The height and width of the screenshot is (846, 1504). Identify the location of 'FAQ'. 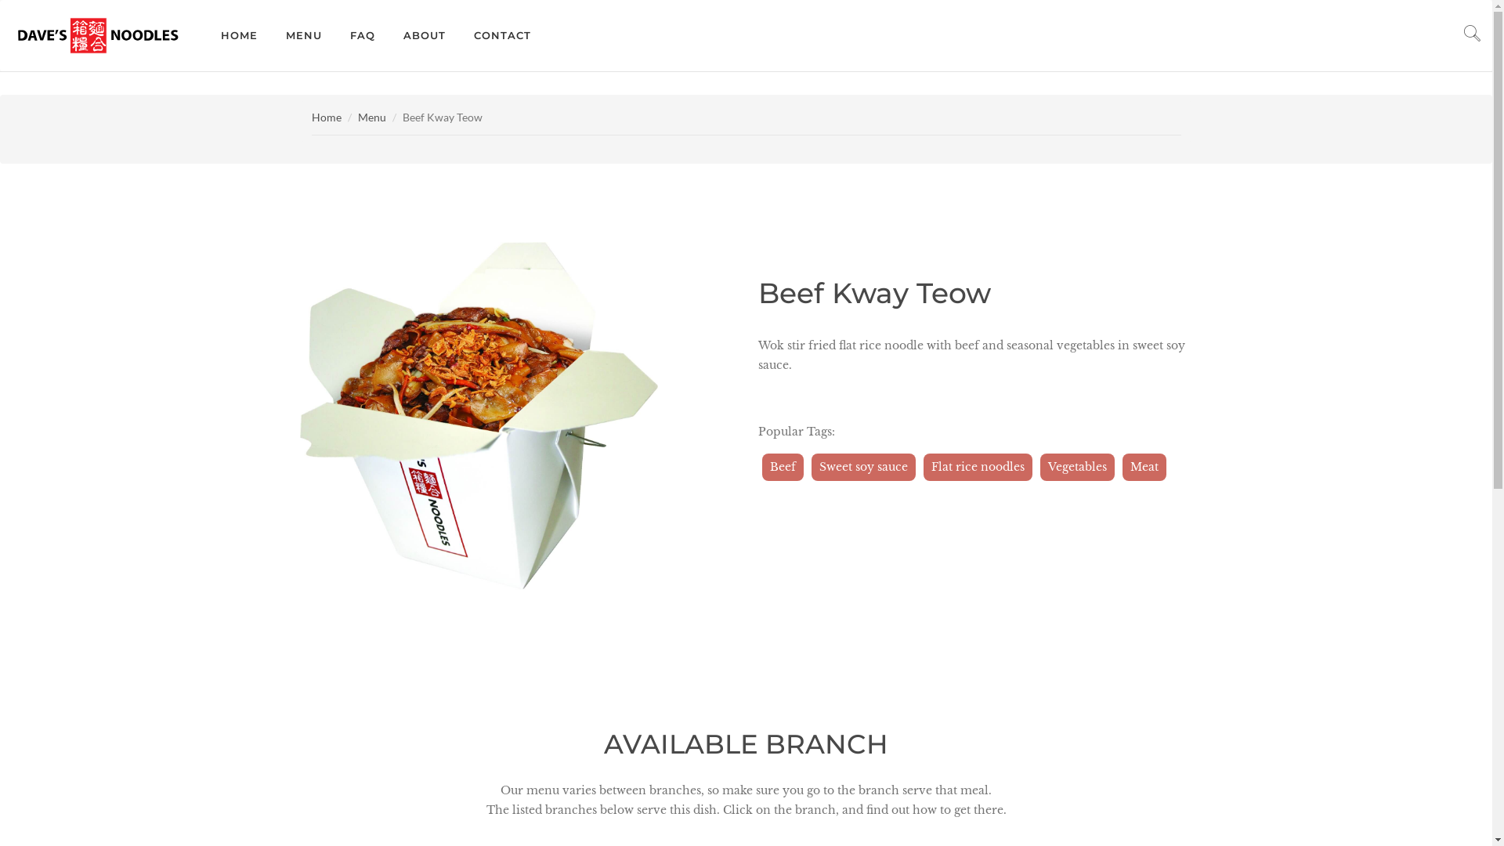
(361, 35).